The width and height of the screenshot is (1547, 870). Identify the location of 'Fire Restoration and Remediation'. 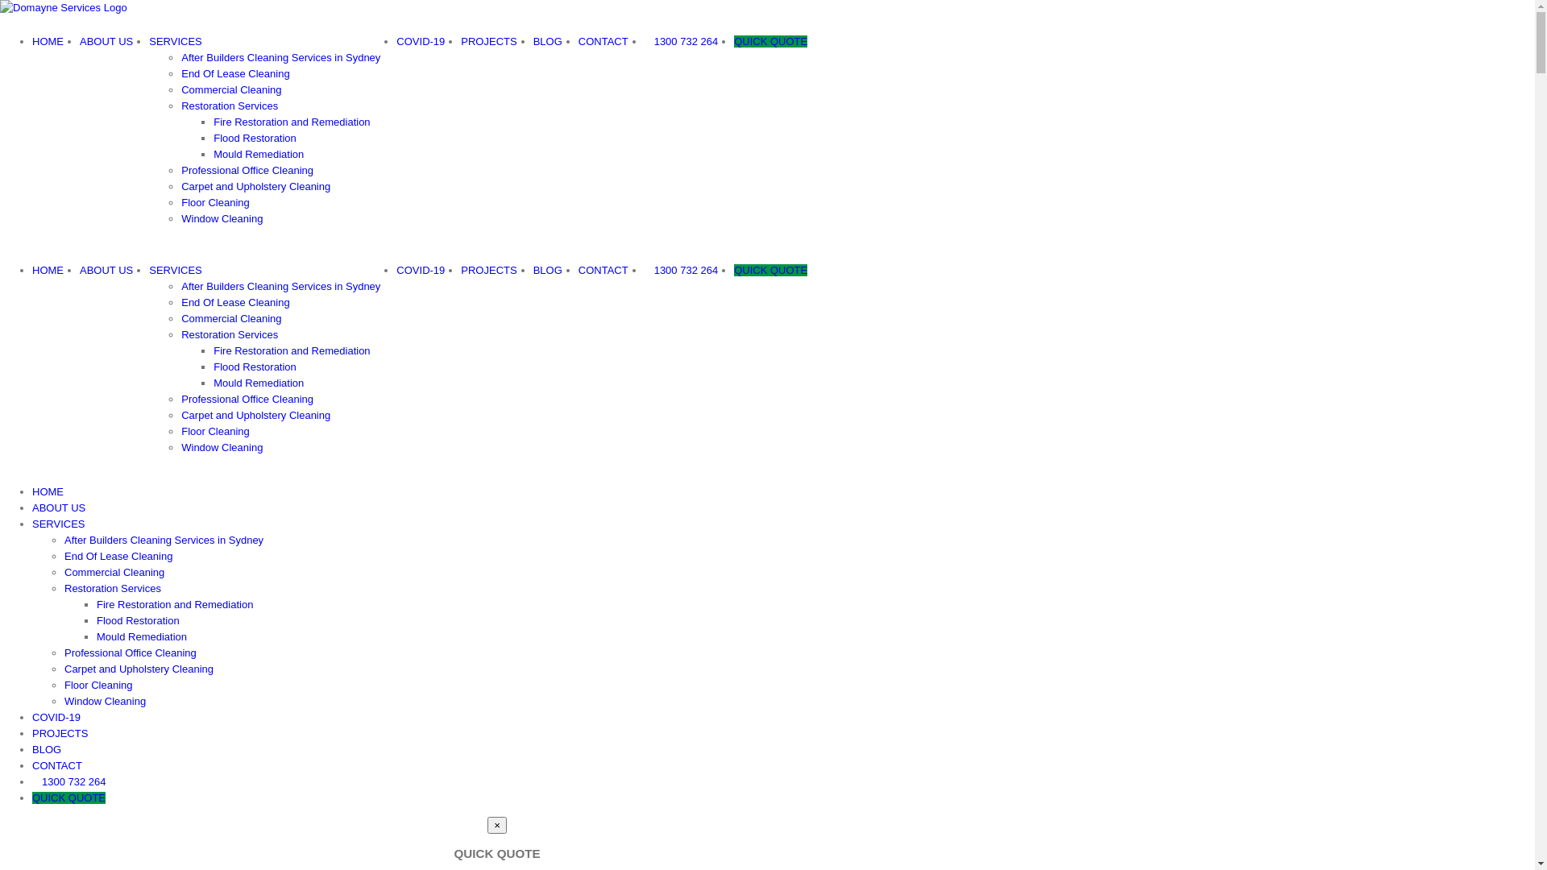
(291, 121).